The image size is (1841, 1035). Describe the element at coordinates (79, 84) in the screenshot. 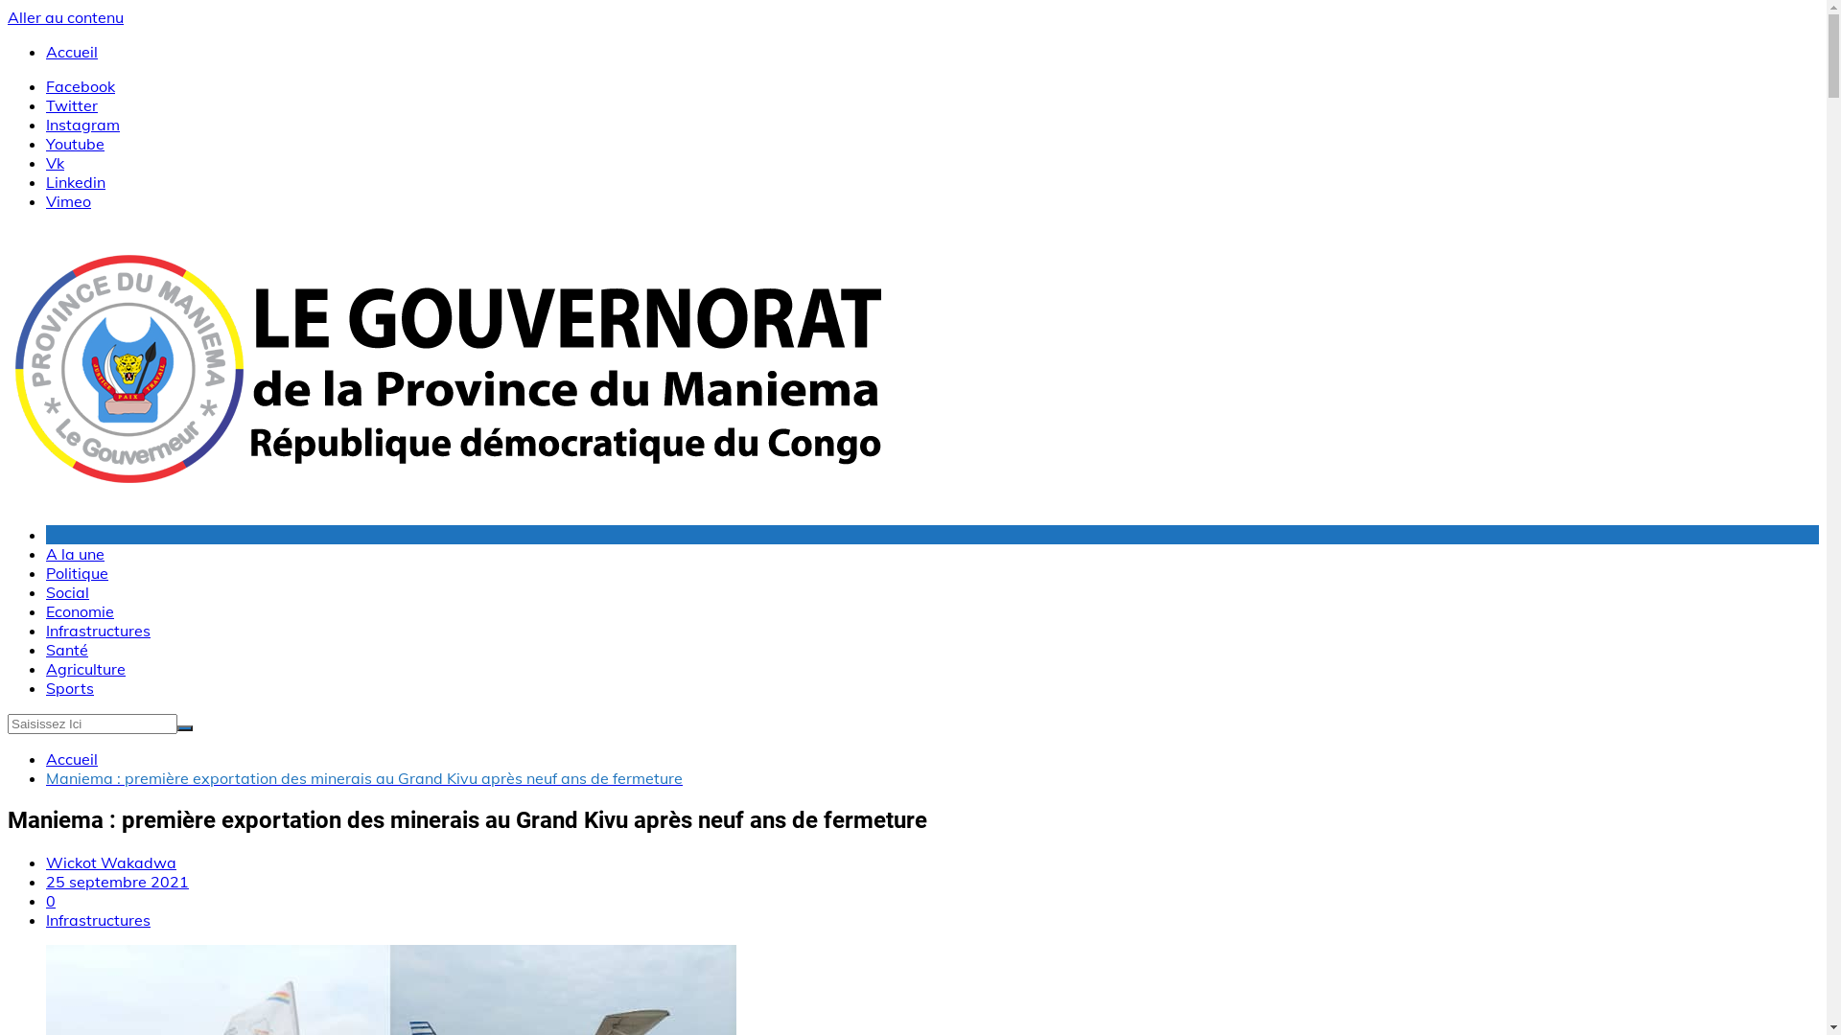

I see `'Facebook'` at that location.